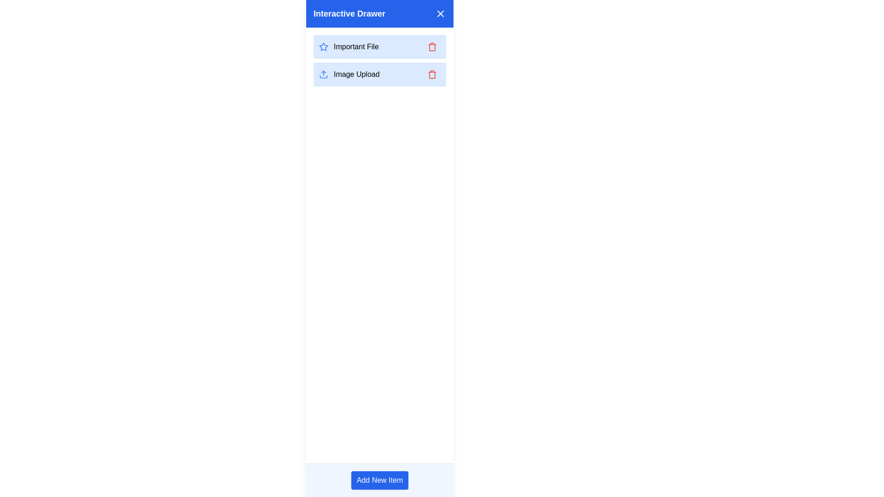 Image resolution: width=884 pixels, height=497 pixels. I want to click on the 'Important File' label with the star-shaped icon outlined in blue, which is positioned in the top segment of the list with a light blue background, so click(348, 46).